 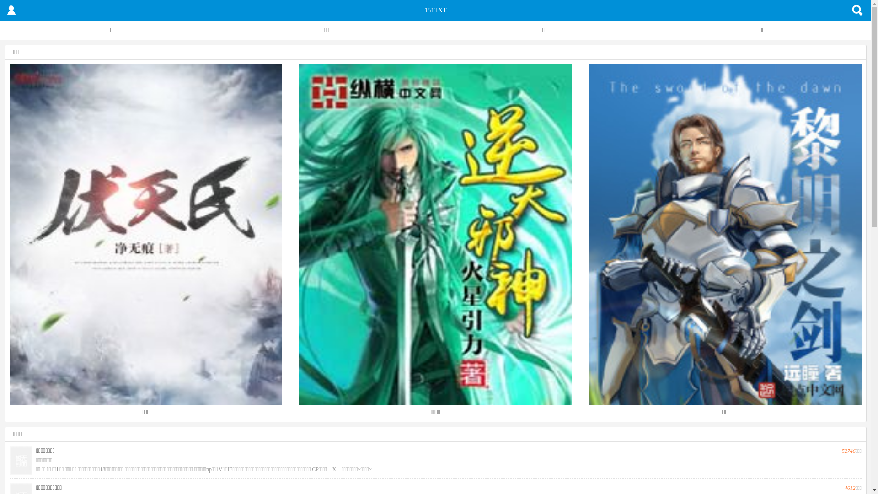 I want to click on ' ', so click(x=11, y=11).